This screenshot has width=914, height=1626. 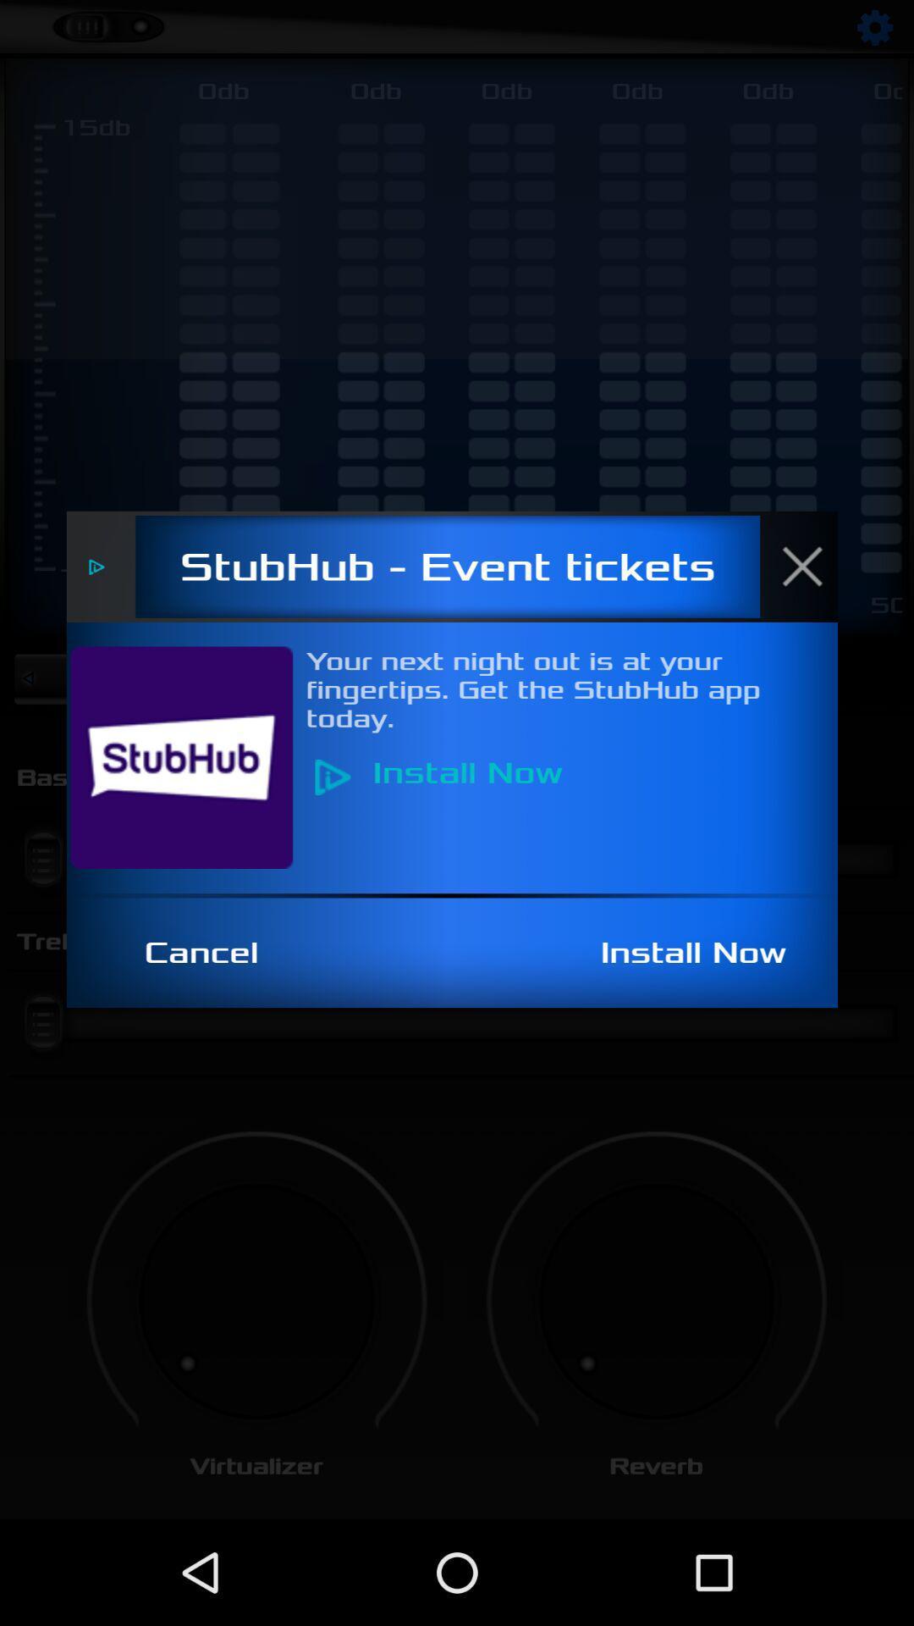 What do you see at coordinates (190, 756) in the screenshot?
I see `the icon next to your next night item` at bounding box center [190, 756].